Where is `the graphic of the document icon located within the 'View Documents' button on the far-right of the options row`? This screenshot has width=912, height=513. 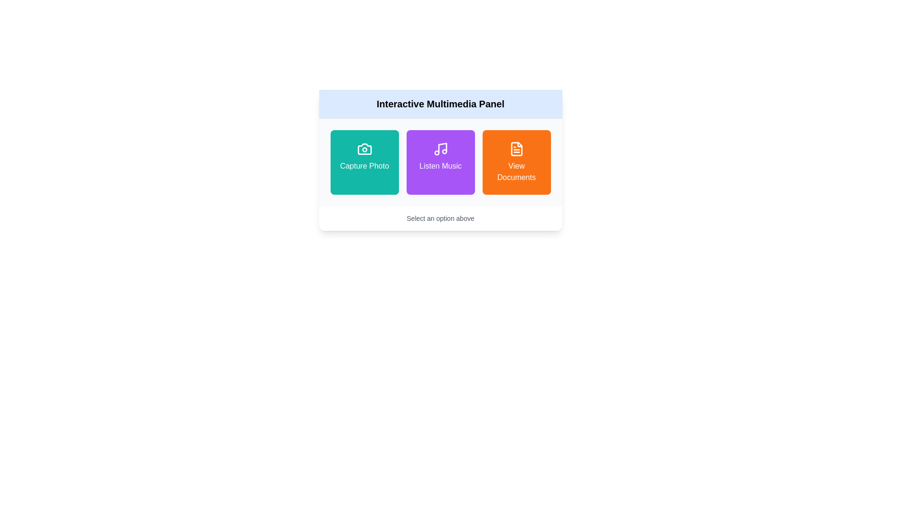 the graphic of the document icon located within the 'View Documents' button on the far-right of the options row is located at coordinates (516, 149).